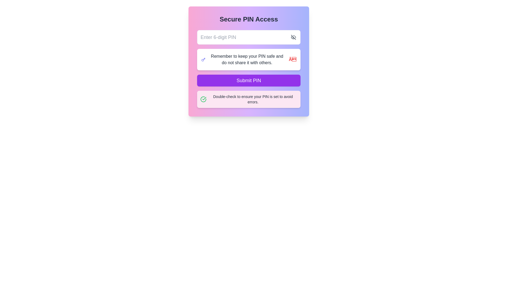 The image size is (517, 290). I want to click on the red '×' button located at the far right end of the notification box that contains the message about keeping your PIN safe, so click(292, 60).